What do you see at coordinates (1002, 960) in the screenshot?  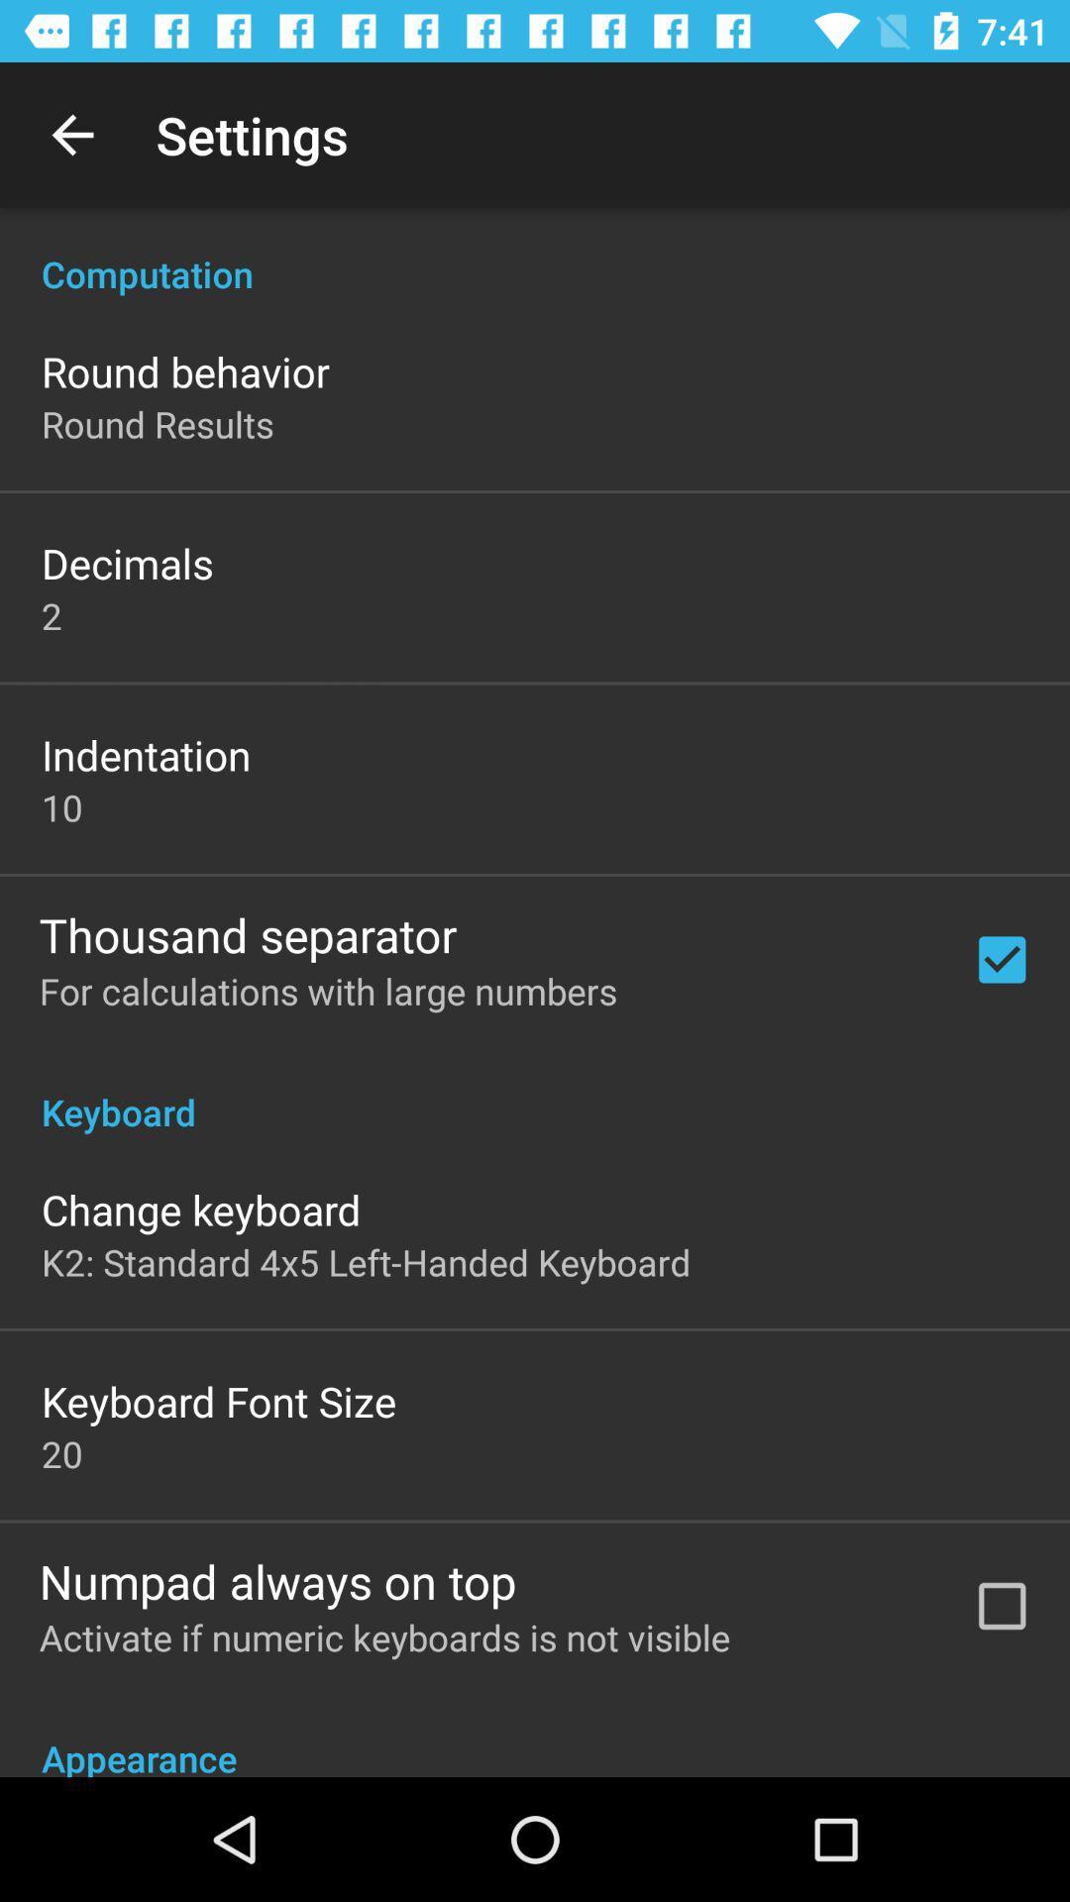 I see `the first check box` at bounding box center [1002, 960].